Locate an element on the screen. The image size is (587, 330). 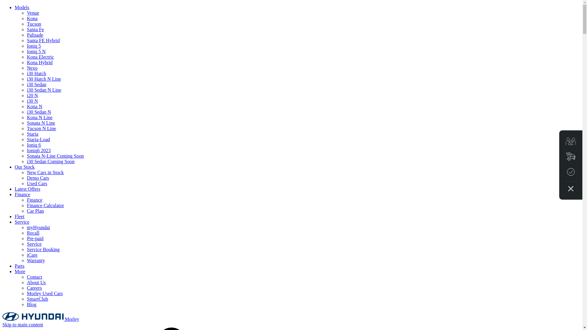
'Demo Cars' is located at coordinates (26, 178).